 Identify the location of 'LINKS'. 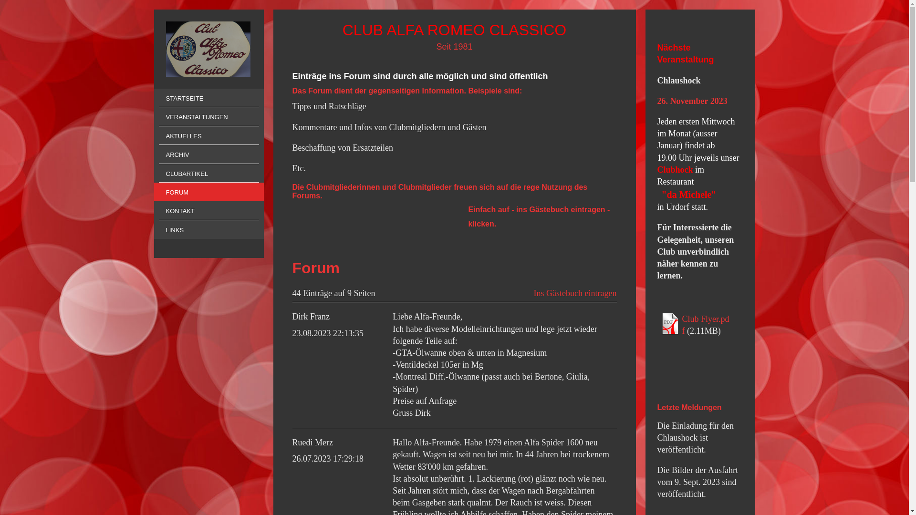
(208, 229).